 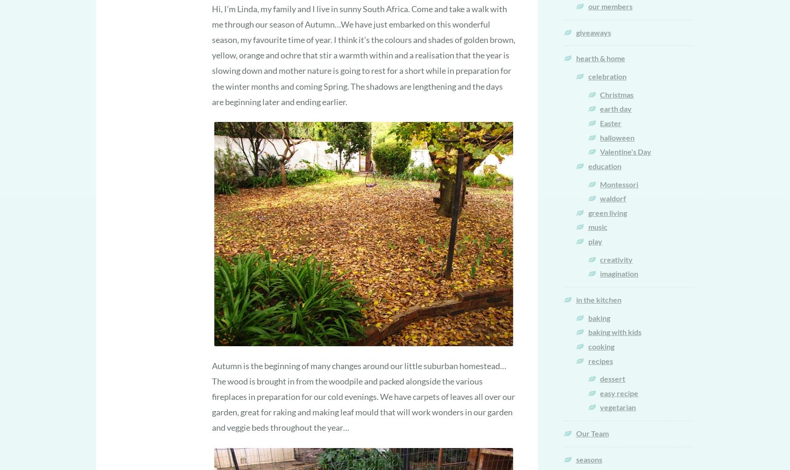 What do you see at coordinates (575, 32) in the screenshot?
I see `'giveaways'` at bounding box center [575, 32].